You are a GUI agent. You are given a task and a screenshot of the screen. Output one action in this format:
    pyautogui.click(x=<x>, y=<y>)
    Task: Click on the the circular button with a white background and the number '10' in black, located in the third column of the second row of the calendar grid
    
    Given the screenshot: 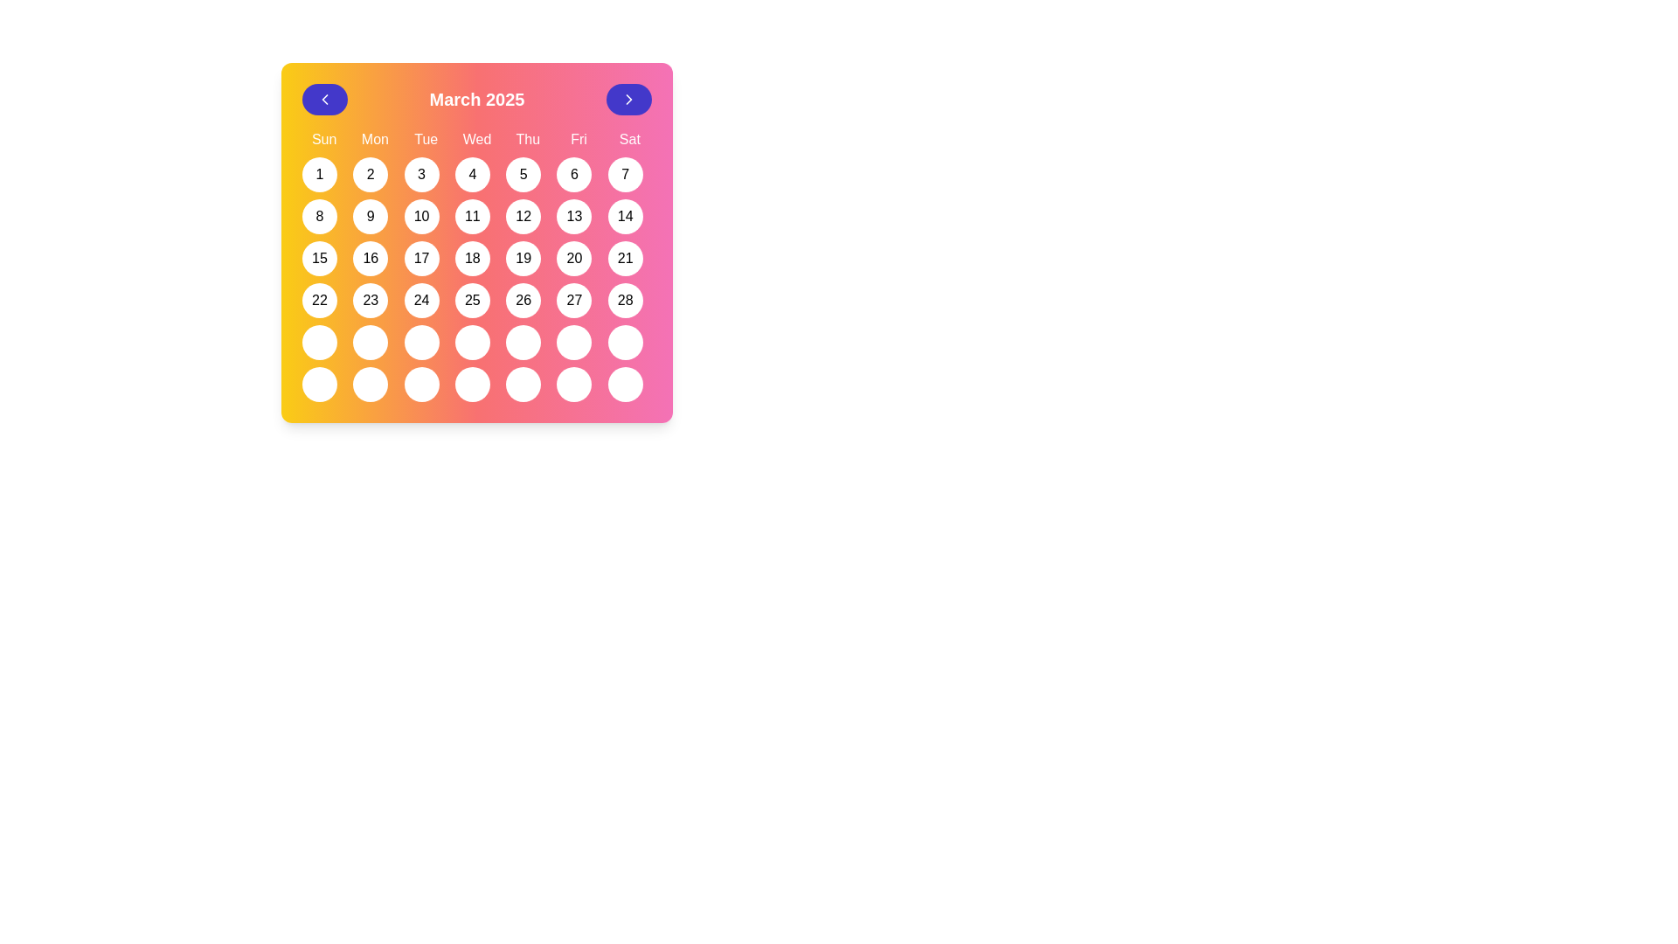 What is the action you would take?
    pyautogui.click(x=421, y=215)
    